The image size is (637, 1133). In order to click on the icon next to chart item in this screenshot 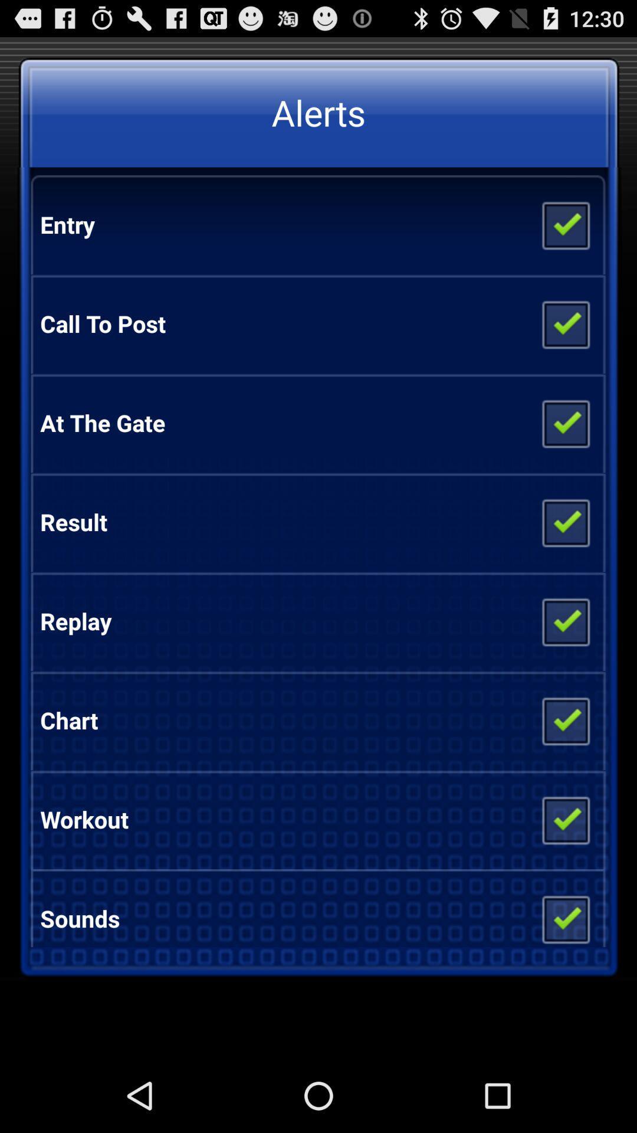, I will do `click(564, 719)`.